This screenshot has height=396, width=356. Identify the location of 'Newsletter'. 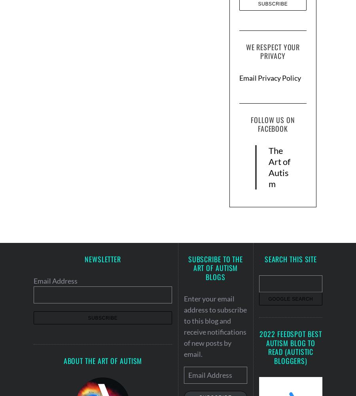
(102, 258).